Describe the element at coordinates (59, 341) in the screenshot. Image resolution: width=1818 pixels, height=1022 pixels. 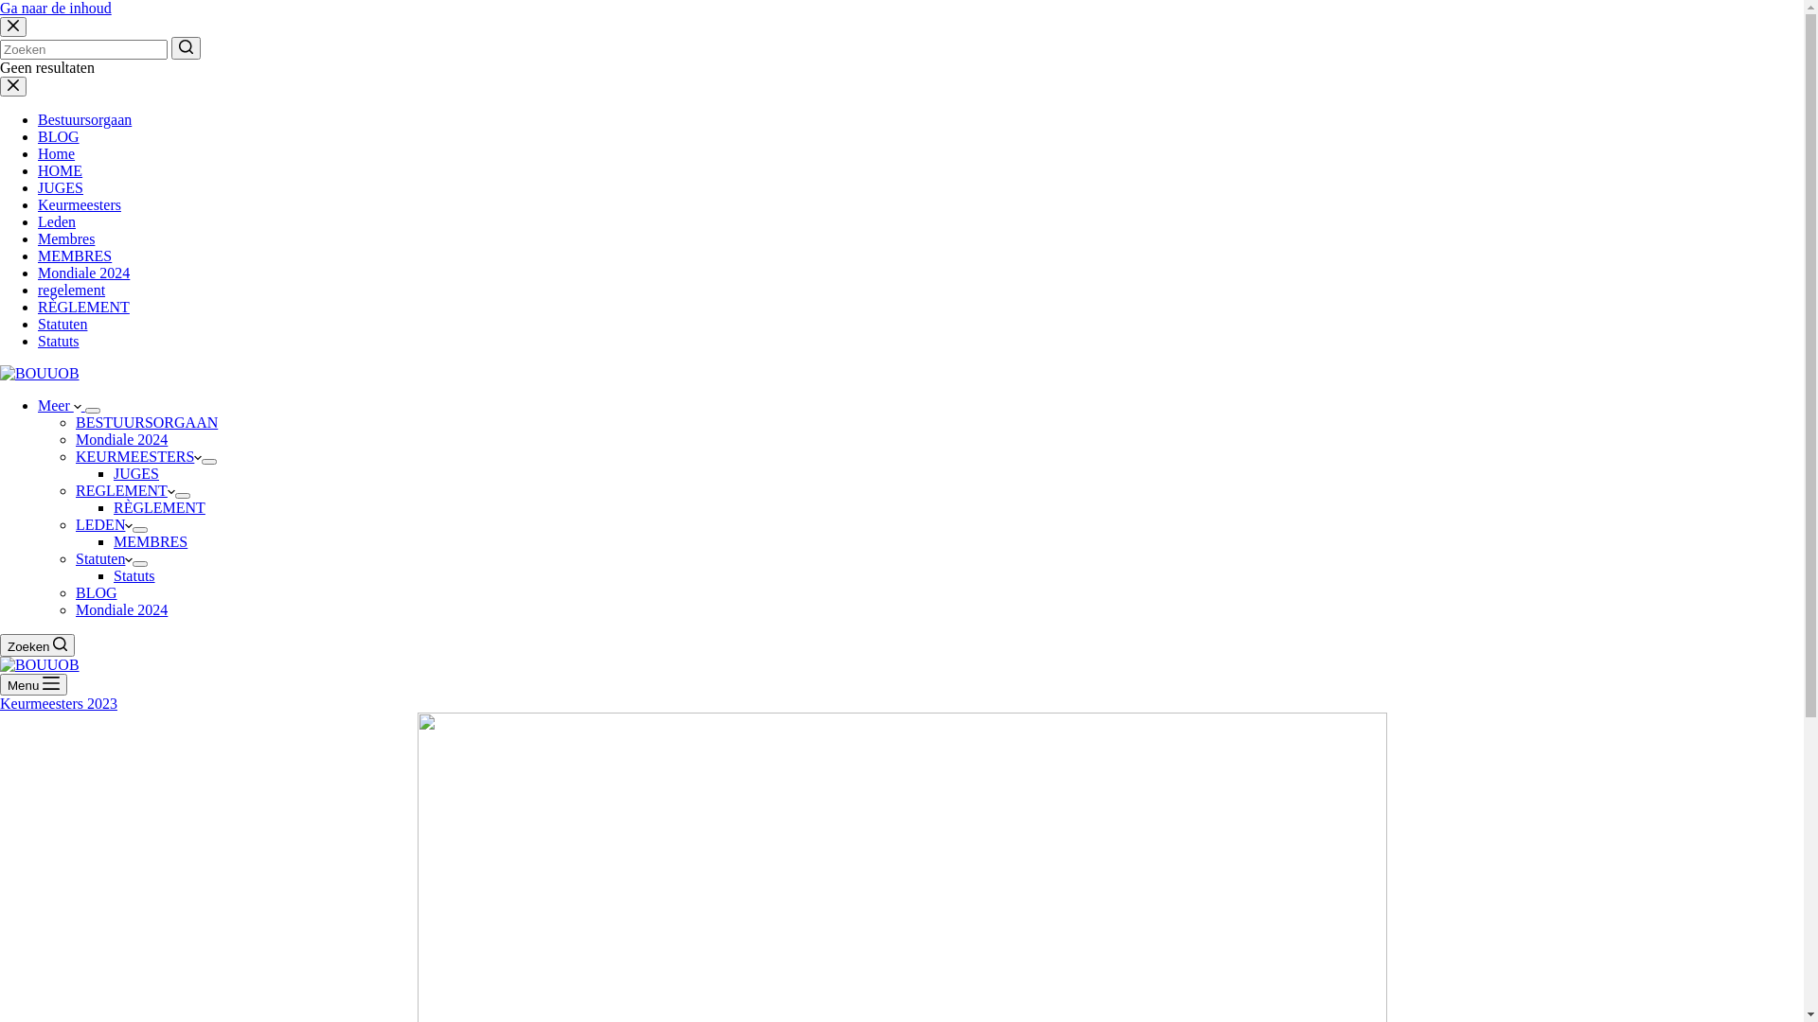
I see `'Statuts'` at that location.